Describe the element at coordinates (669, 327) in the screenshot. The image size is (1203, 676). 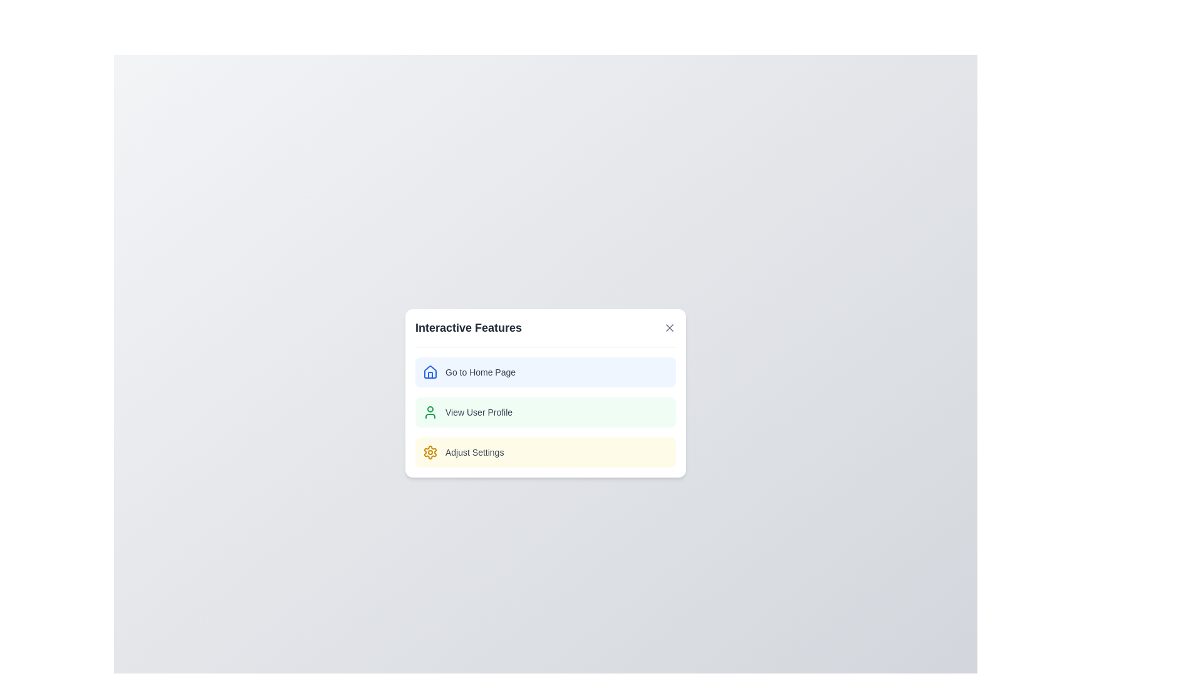
I see `the close button located at the top-right corner of the 'Interactive Features' box` at that location.